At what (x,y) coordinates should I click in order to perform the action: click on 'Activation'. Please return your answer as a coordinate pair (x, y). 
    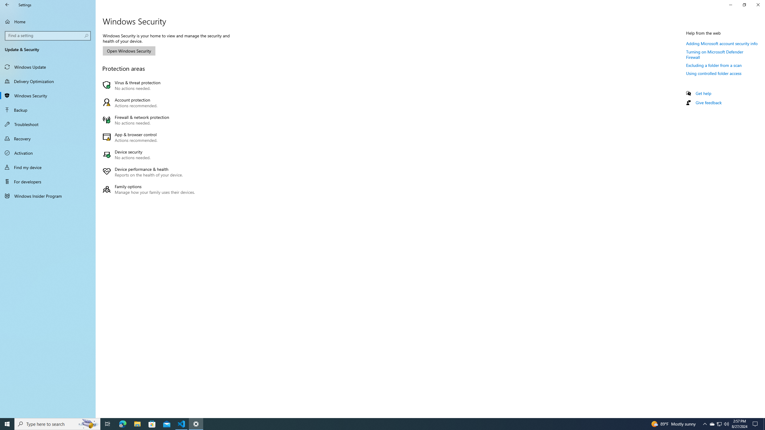
    Looking at the image, I should click on (48, 152).